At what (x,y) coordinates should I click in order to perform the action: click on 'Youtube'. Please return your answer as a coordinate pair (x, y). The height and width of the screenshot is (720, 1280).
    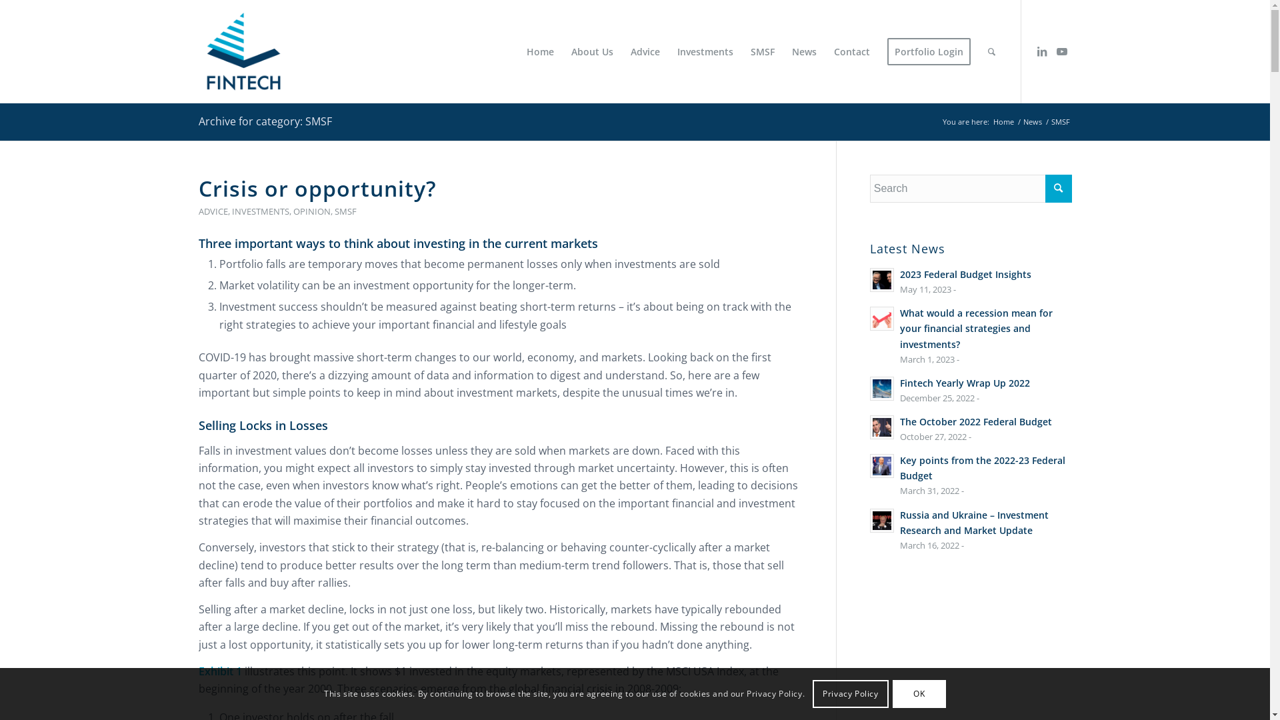
    Looking at the image, I should click on (1051, 51).